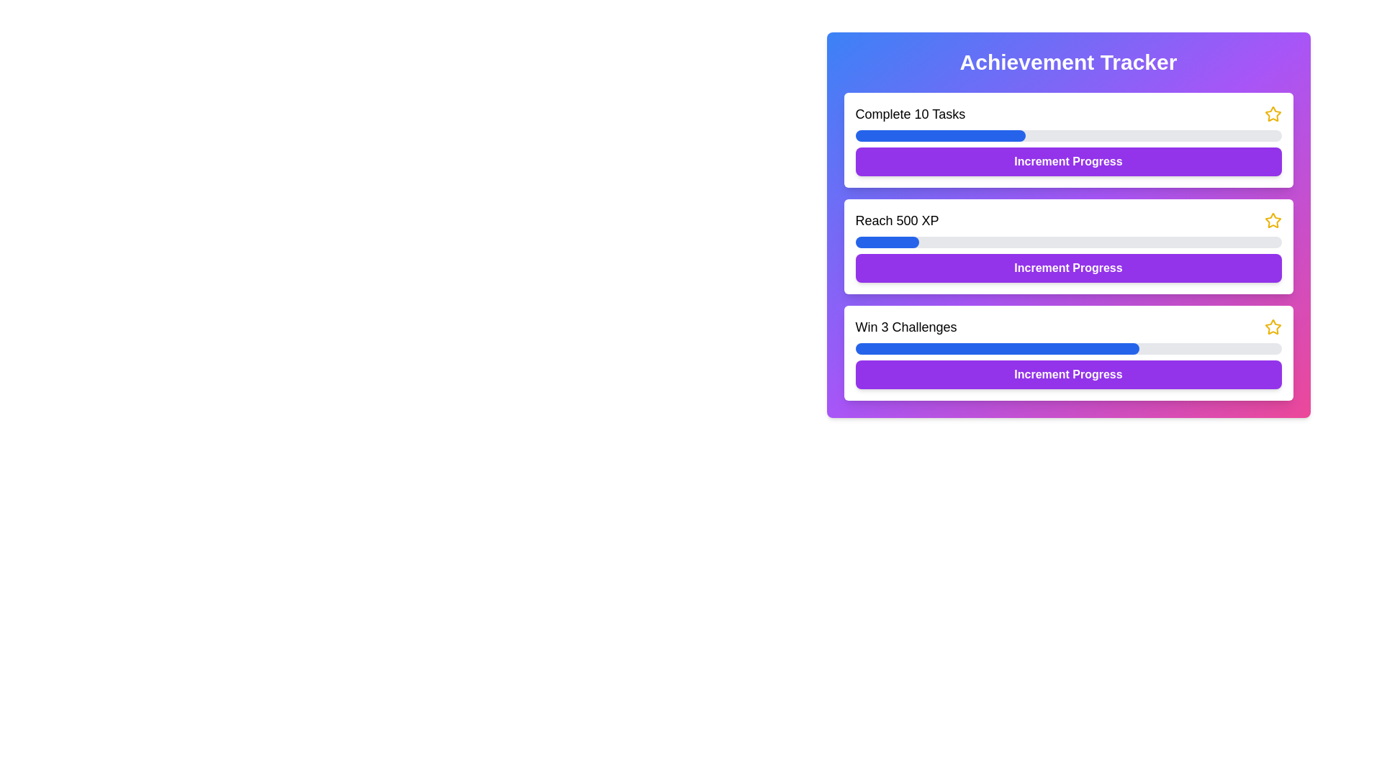  What do you see at coordinates (1273, 113) in the screenshot?
I see `the status indicator icon located on the far-right side of the 'Complete 10 Tasks' section` at bounding box center [1273, 113].